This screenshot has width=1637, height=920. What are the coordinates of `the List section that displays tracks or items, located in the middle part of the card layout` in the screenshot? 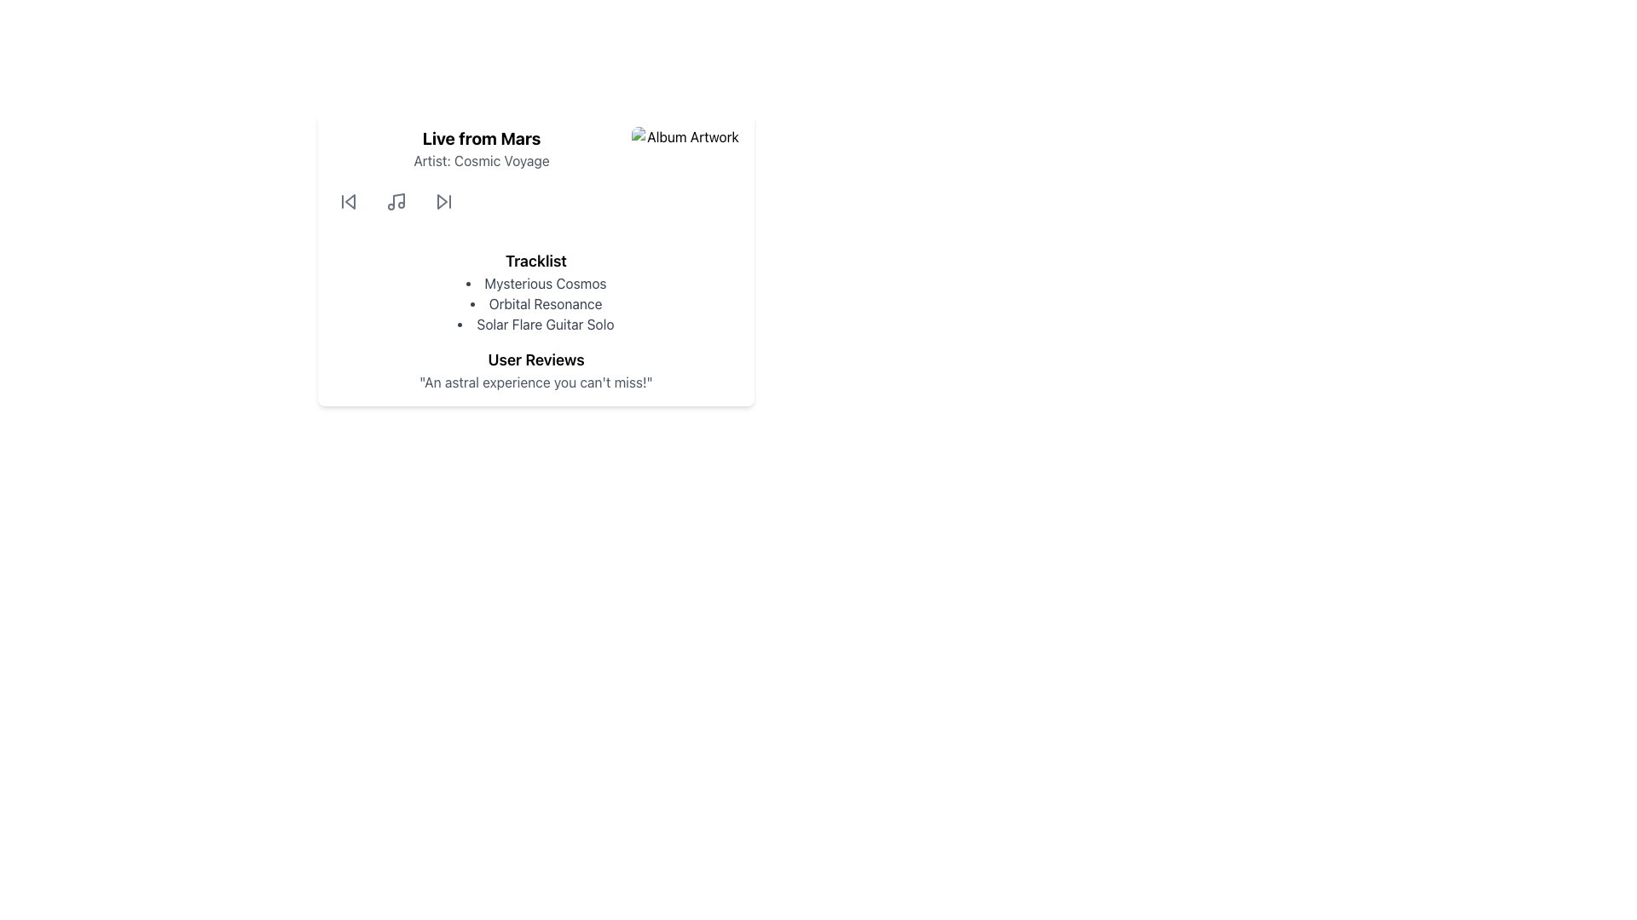 It's located at (535, 291).